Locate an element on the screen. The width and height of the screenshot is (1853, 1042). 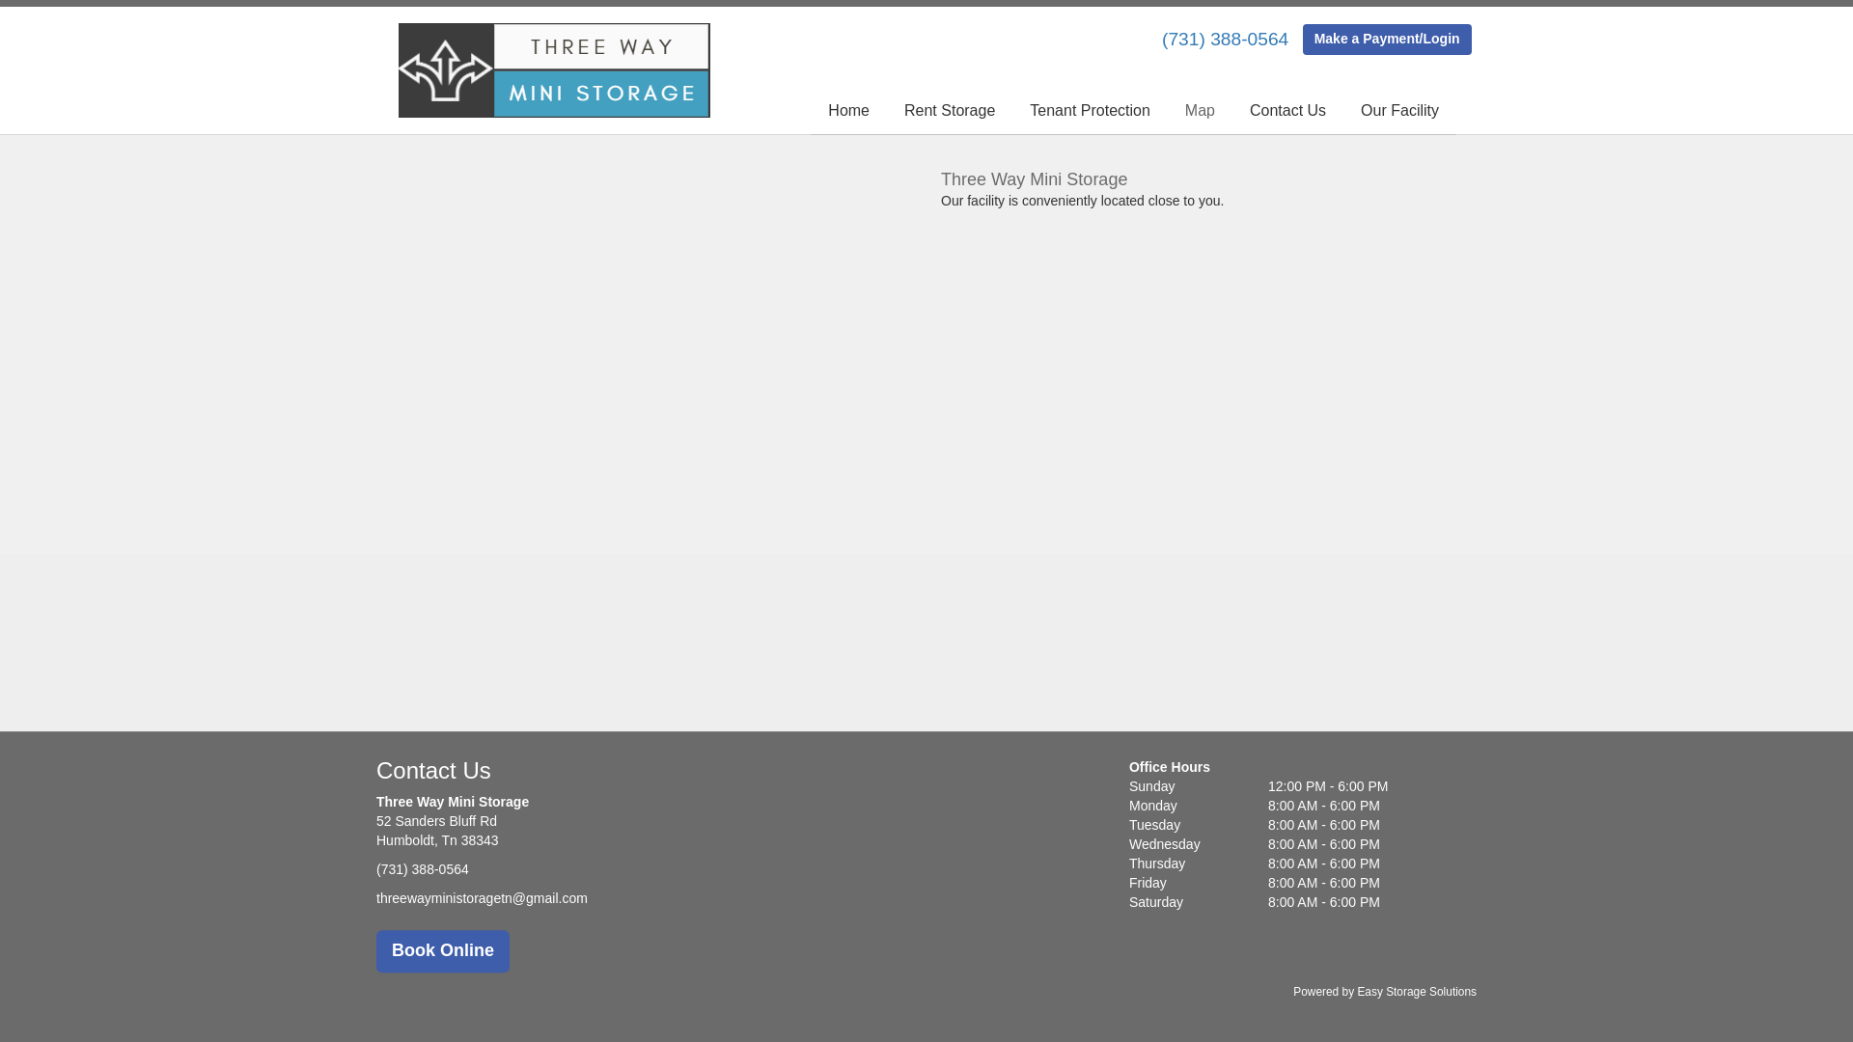
'Book Online' is located at coordinates (442, 950).